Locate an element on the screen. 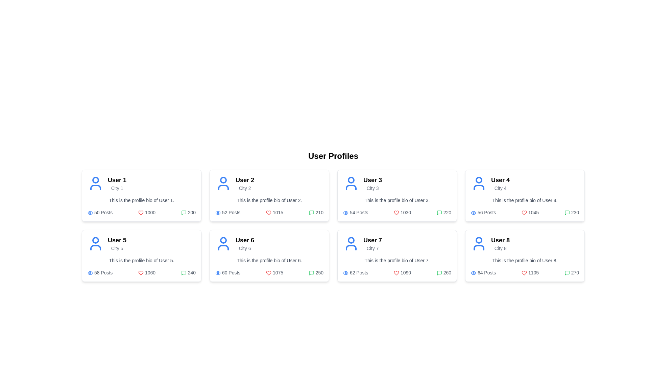 The image size is (649, 365). the user profile heading displaying 'User 3' with the smaller gray text 'City 3' beneath it, located on the right side of the user profiles grid is located at coordinates (372, 184).